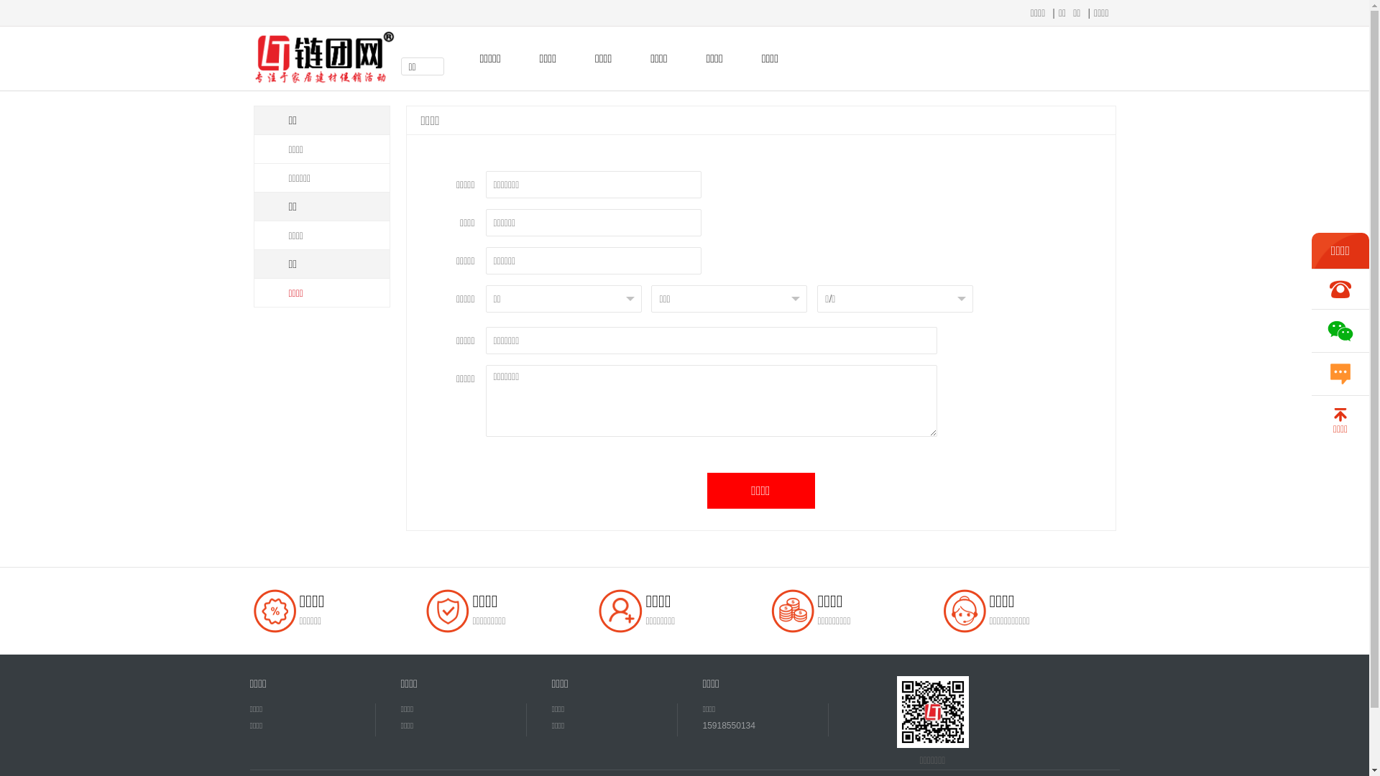 Image resolution: width=1380 pixels, height=776 pixels. I want to click on '15918550134', so click(703, 726).